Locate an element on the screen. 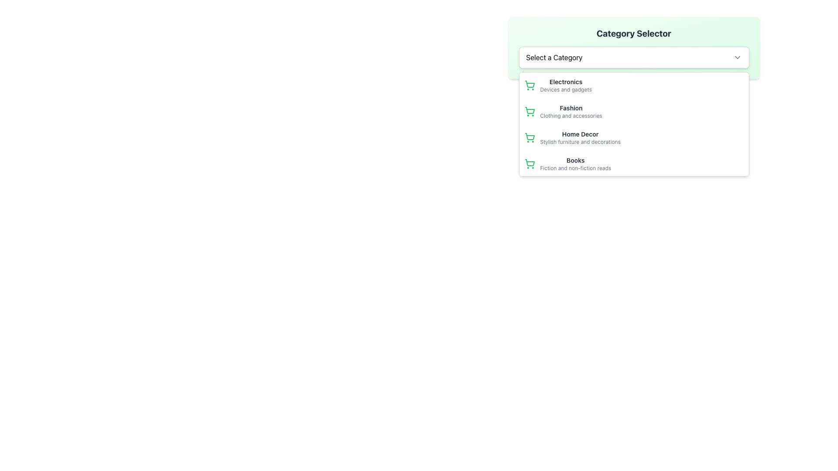 The image size is (838, 471). the static text label reading 'Devices and gadgets' that is located beneath the 'Electronics' header in the dropdown menu for shopping categories is located at coordinates (566, 89).